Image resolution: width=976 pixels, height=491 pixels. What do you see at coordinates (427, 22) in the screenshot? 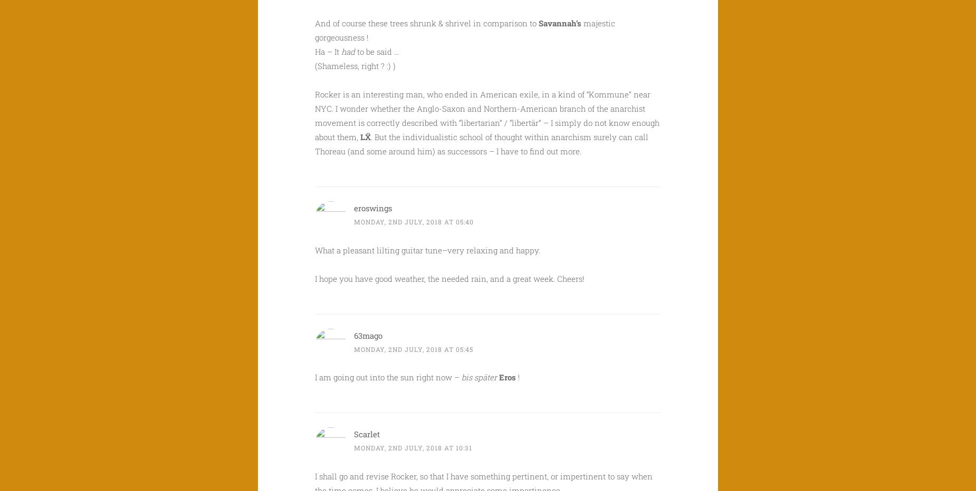
I see `'And of course these trees shrunk & shrivel in comparison to'` at bounding box center [427, 22].